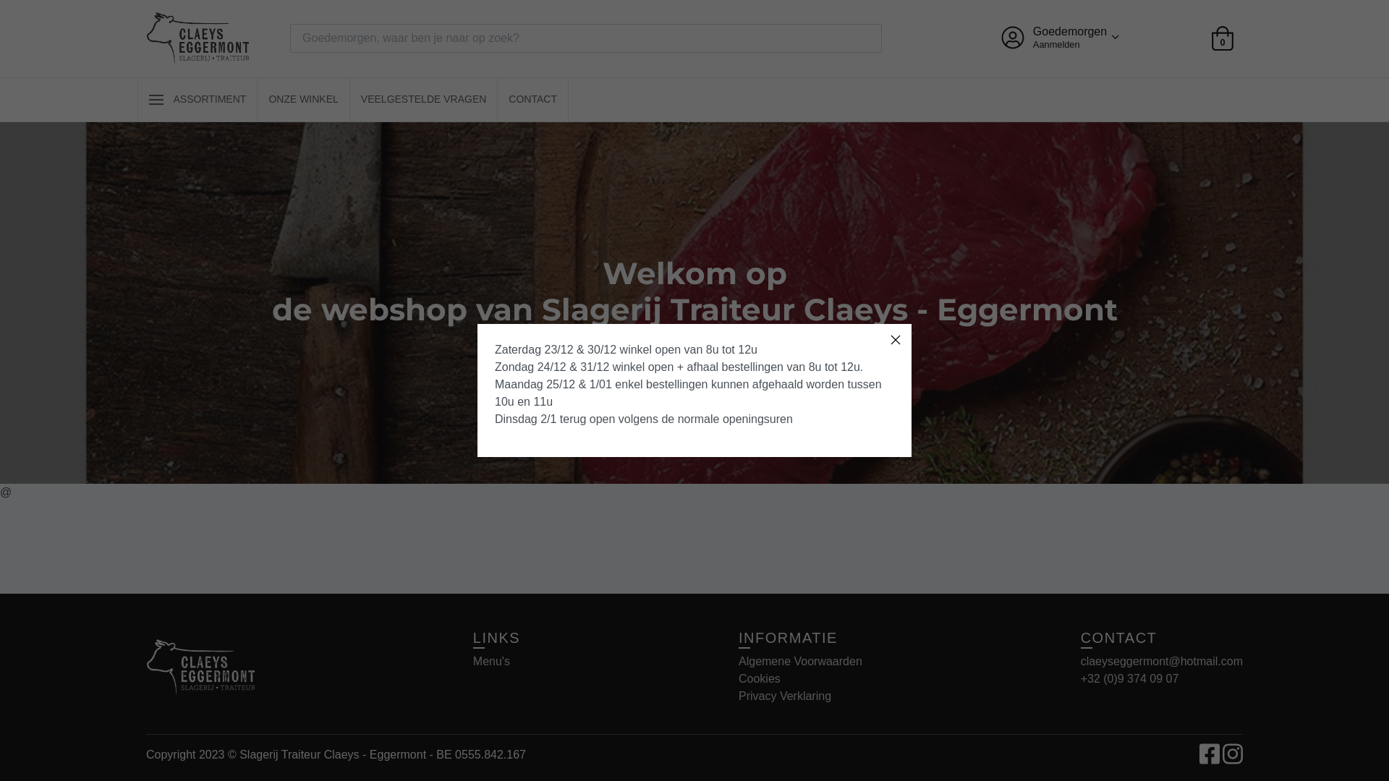 This screenshot has height=781, width=1389. Describe the element at coordinates (532, 99) in the screenshot. I see `'CONTACT'` at that location.